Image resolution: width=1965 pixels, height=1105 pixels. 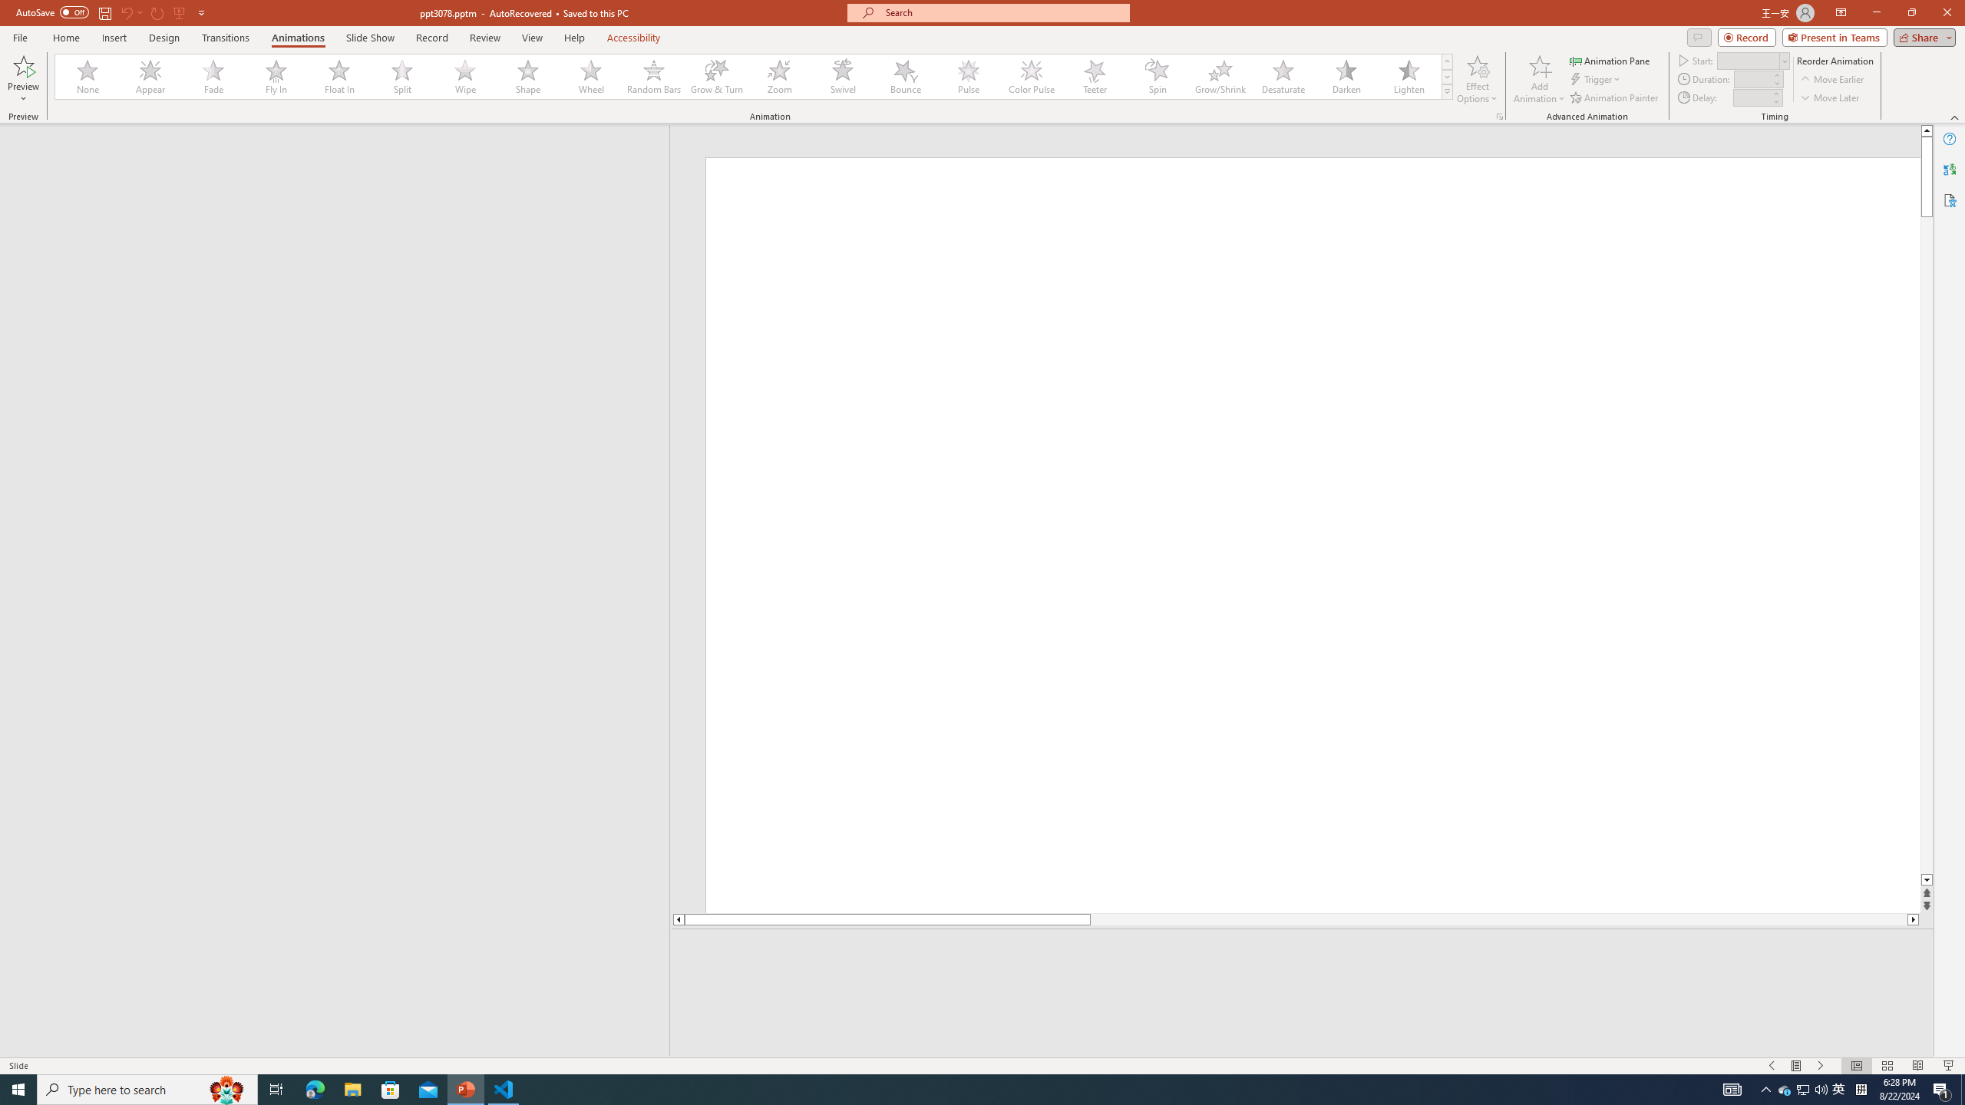 What do you see at coordinates (905, 76) in the screenshot?
I see `'Bounce'` at bounding box center [905, 76].